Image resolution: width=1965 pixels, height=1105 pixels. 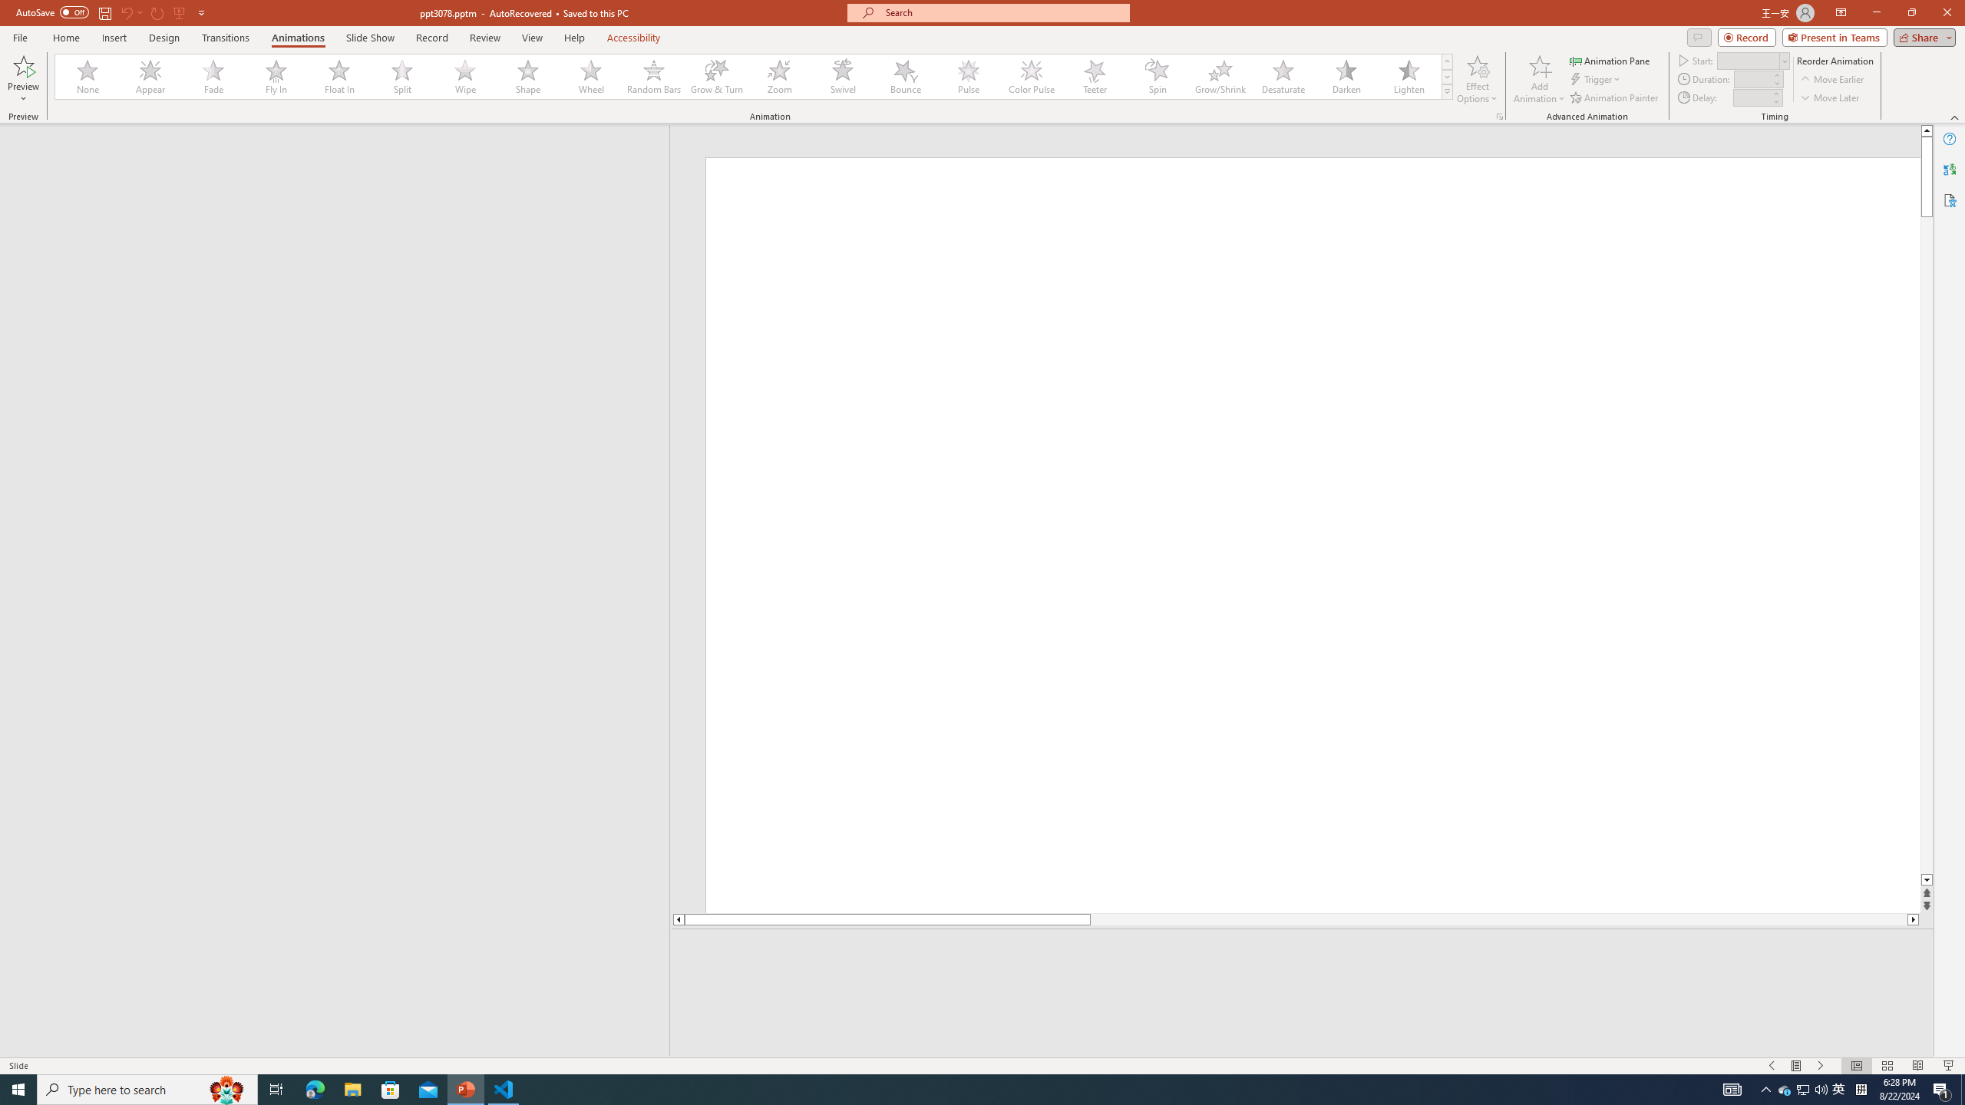 What do you see at coordinates (905, 76) in the screenshot?
I see `'Bounce'` at bounding box center [905, 76].